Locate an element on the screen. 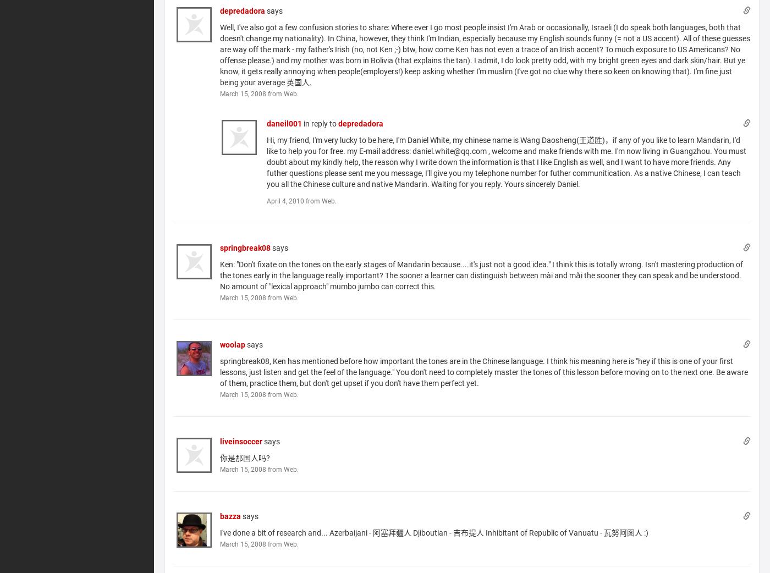 This screenshot has height=573, width=770. 'April 4, 2010 from  Web.' is located at coordinates (301, 200).